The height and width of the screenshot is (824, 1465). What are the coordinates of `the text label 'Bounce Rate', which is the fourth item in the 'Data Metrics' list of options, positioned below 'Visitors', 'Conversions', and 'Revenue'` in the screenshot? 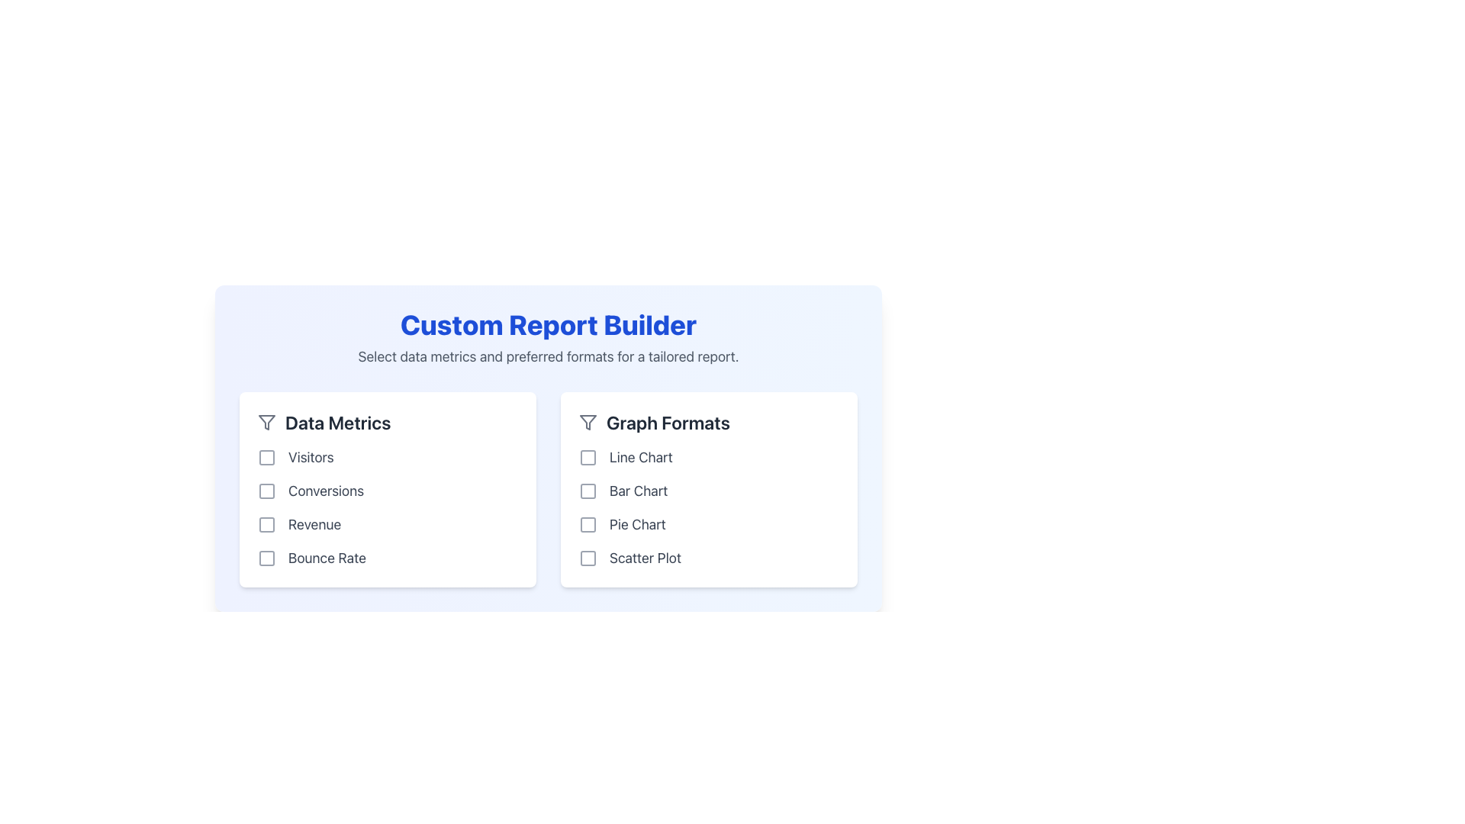 It's located at (326, 558).